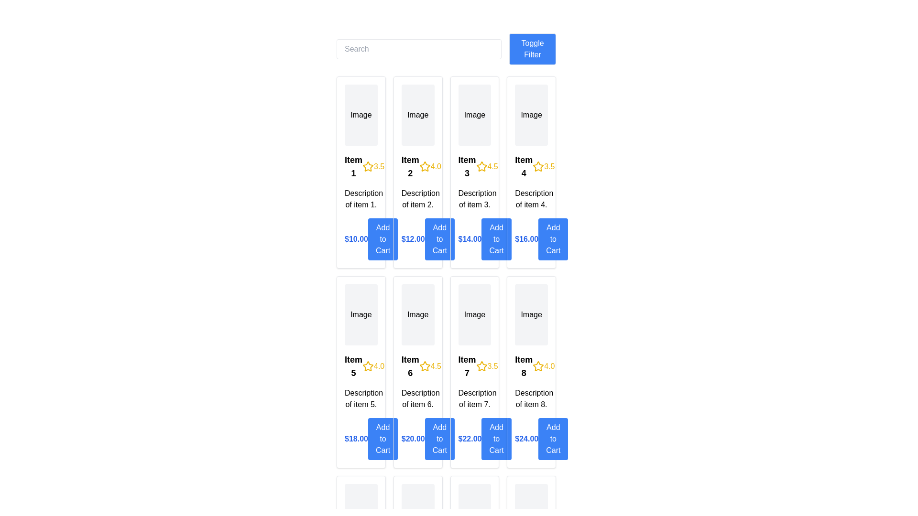 This screenshot has width=918, height=516. What do you see at coordinates (424, 166) in the screenshot?
I see `the rating icon located in the second item card between the item's title and description to provide immediate feedback on its quality or popularity` at bounding box center [424, 166].